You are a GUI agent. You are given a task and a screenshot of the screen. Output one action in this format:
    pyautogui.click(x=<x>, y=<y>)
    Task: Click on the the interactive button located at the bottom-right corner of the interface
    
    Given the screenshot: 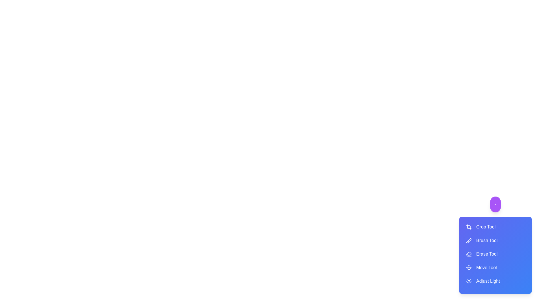 What is the action you would take?
    pyautogui.click(x=495, y=204)
    